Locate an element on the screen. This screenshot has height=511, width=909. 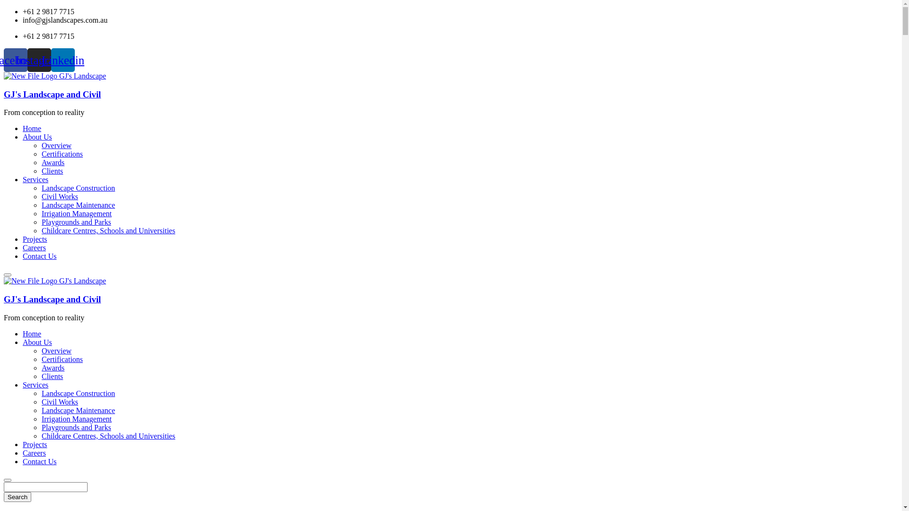
'Careers' is located at coordinates (34, 452).